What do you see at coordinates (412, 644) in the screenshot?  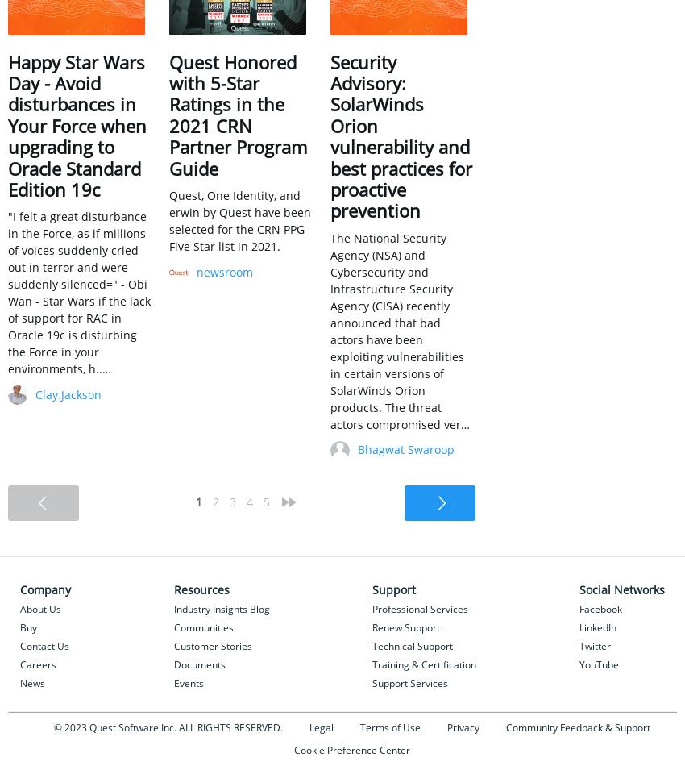 I see `'Technical Support'` at bounding box center [412, 644].